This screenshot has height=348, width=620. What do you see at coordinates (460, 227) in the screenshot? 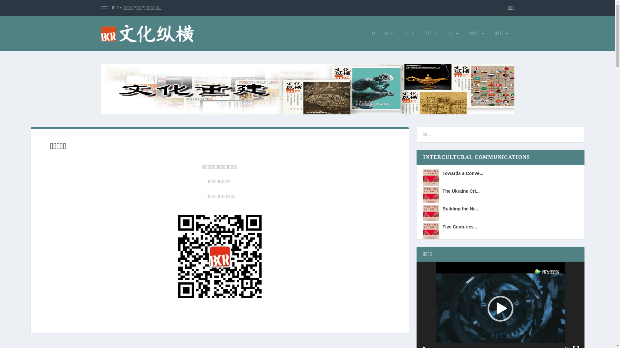
I see `'Five Centuries ...'` at bounding box center [460, 227].